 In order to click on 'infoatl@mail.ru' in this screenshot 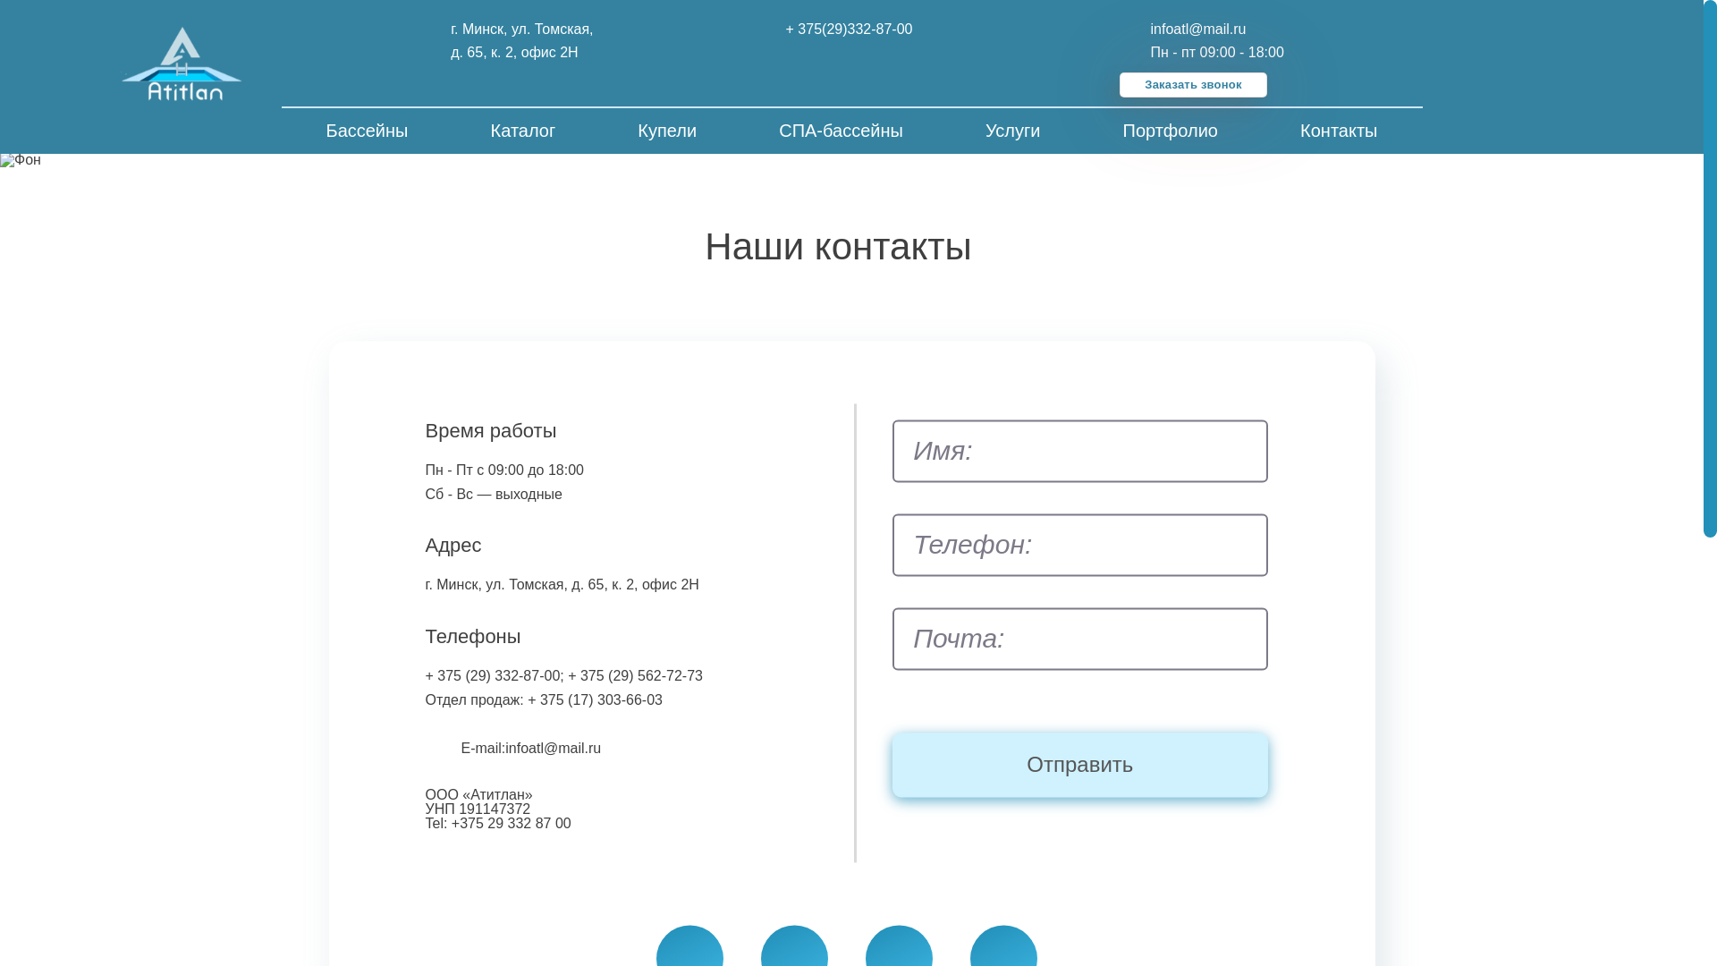, I will do `click(1202, 30)`.